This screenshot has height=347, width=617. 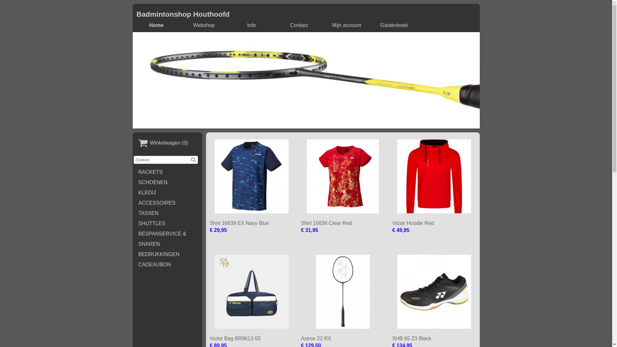 What do you see at coordinates (133, 254) in the screenshot?
I see `'BEDRUKKINGEN'` at bounding box center [133, 254].